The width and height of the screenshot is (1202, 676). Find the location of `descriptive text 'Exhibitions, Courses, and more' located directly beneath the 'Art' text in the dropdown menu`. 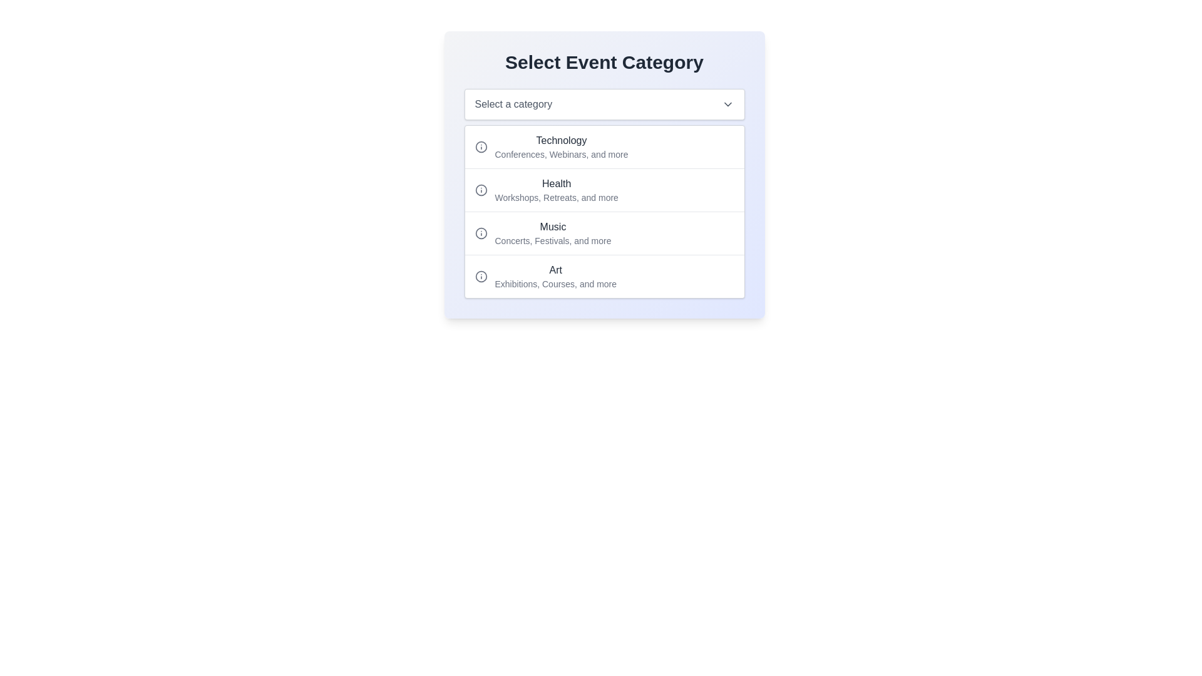

descriptive text 'Exhibitions, Courses, and more' located directly beneath the 'Art' text in the dropdown menu is located at coordinates (555, 284).